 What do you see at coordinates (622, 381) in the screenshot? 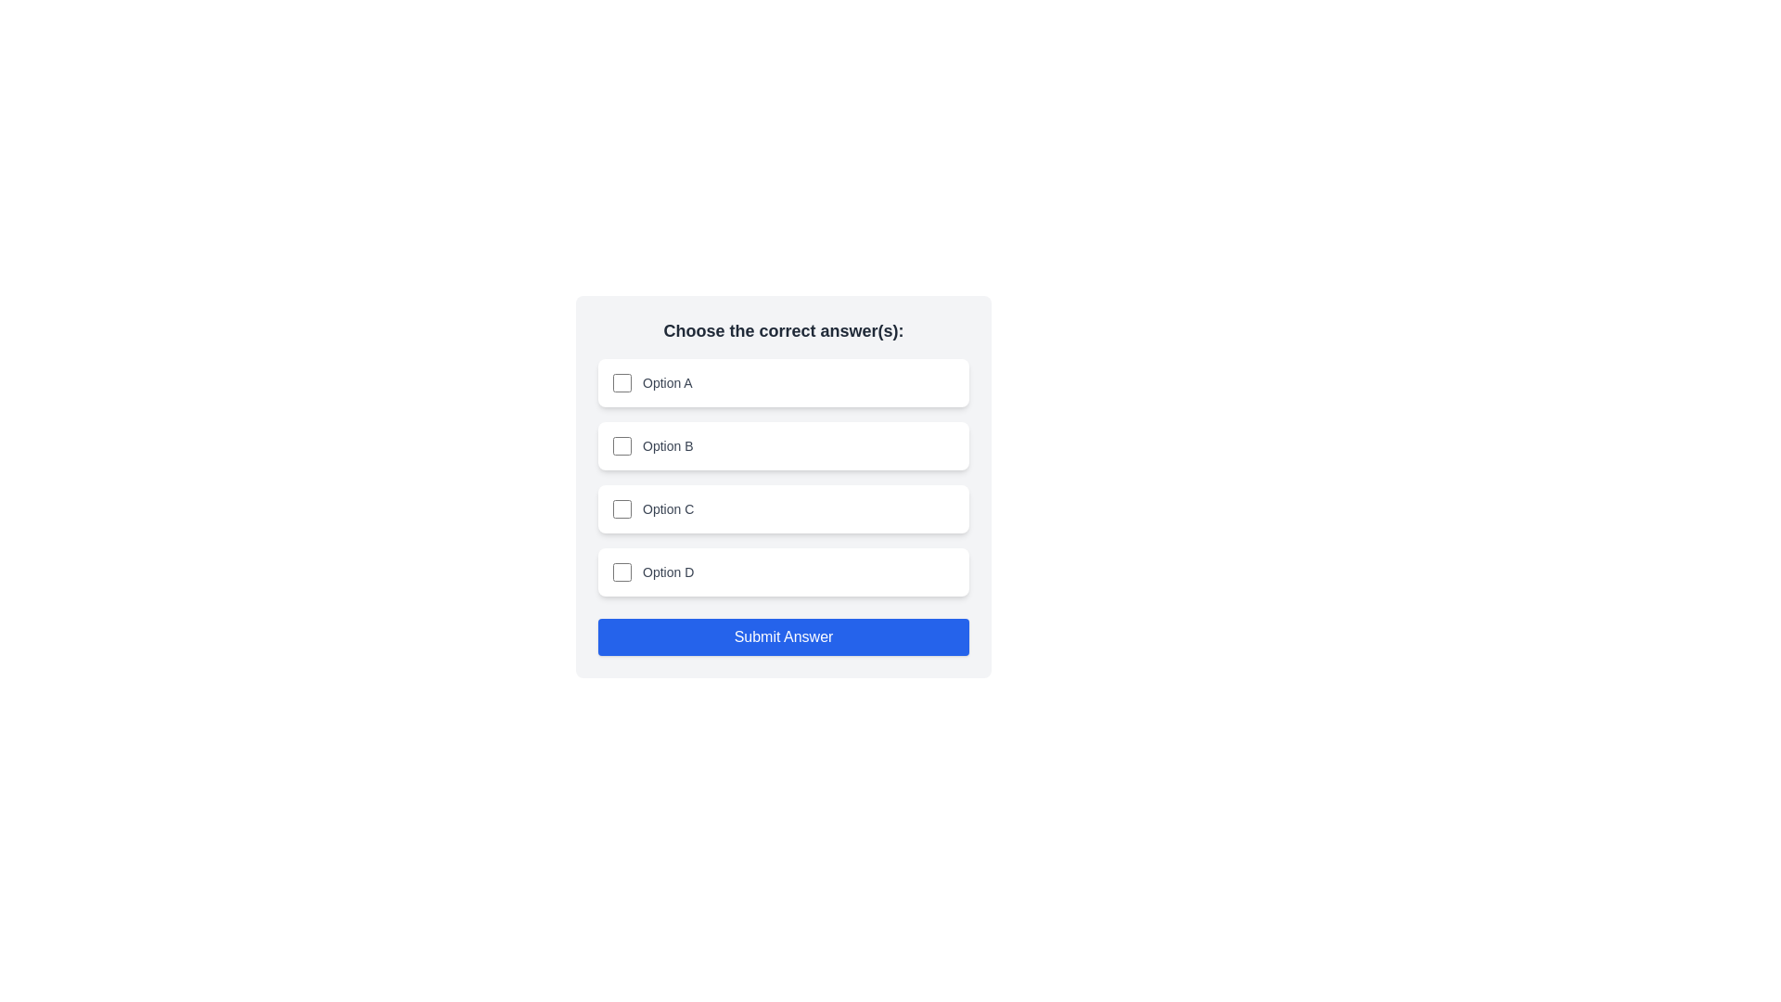
I see `the checkbox corresponding to Option A` at bounding box center [622, 381].